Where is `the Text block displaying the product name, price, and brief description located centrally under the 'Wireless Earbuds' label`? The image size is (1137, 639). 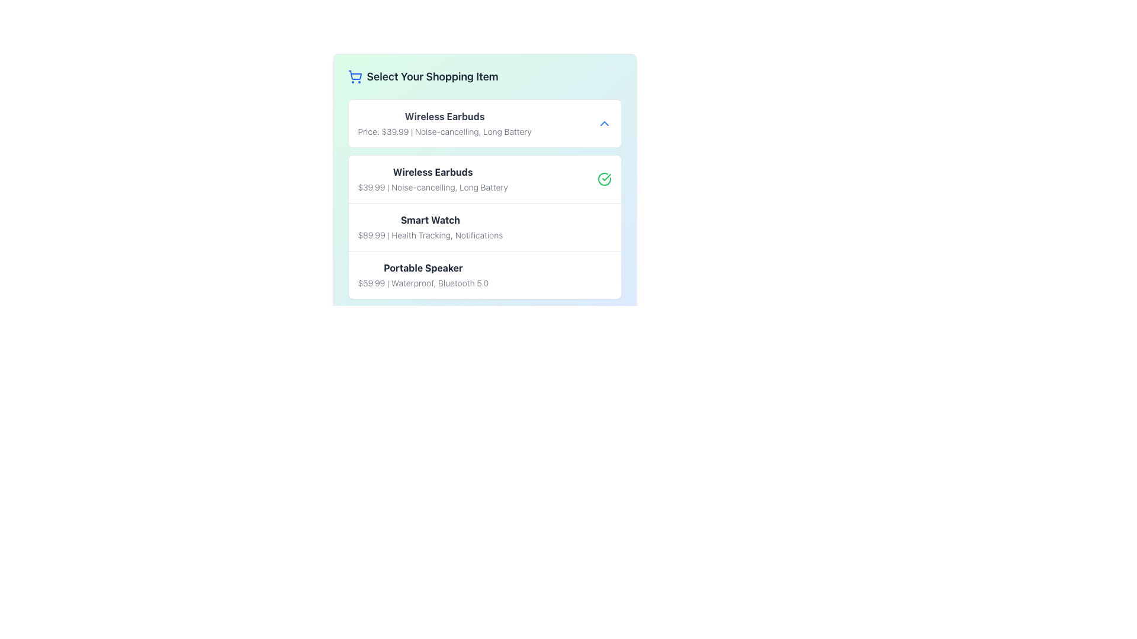
the Text block displaying the product name, price, and brief description located centrally under the 'Wireless Earbuds' label is located at coordinates (429, 227).